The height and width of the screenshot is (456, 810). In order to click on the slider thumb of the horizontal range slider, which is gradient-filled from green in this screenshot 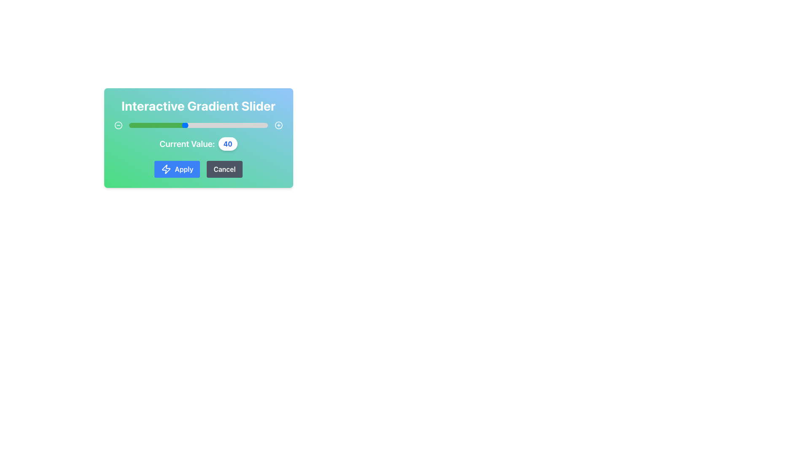, I will do `click(198, 125)`.